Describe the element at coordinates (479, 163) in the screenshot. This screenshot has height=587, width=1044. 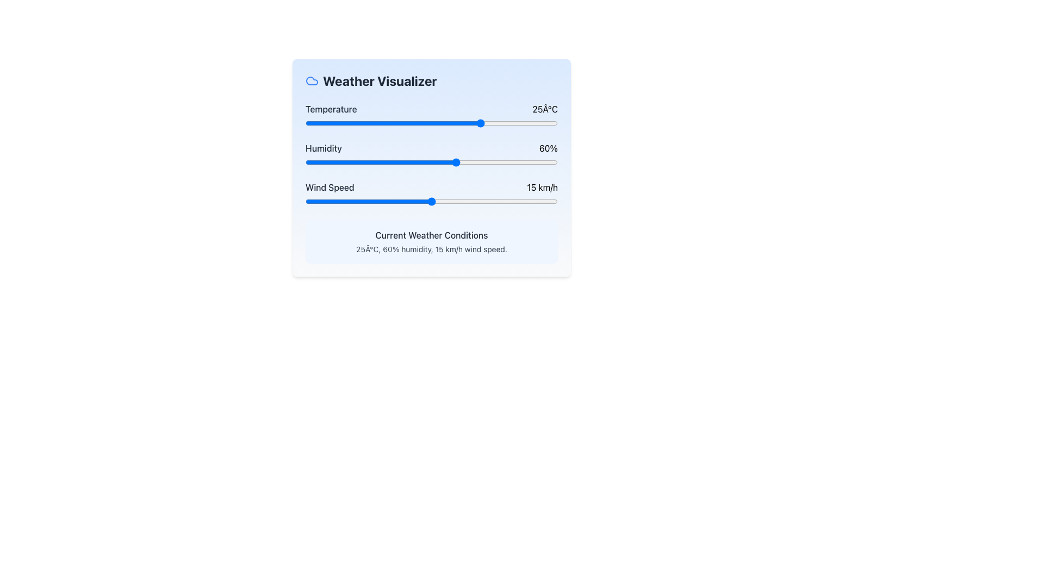
I see `the humidity level` at that location.